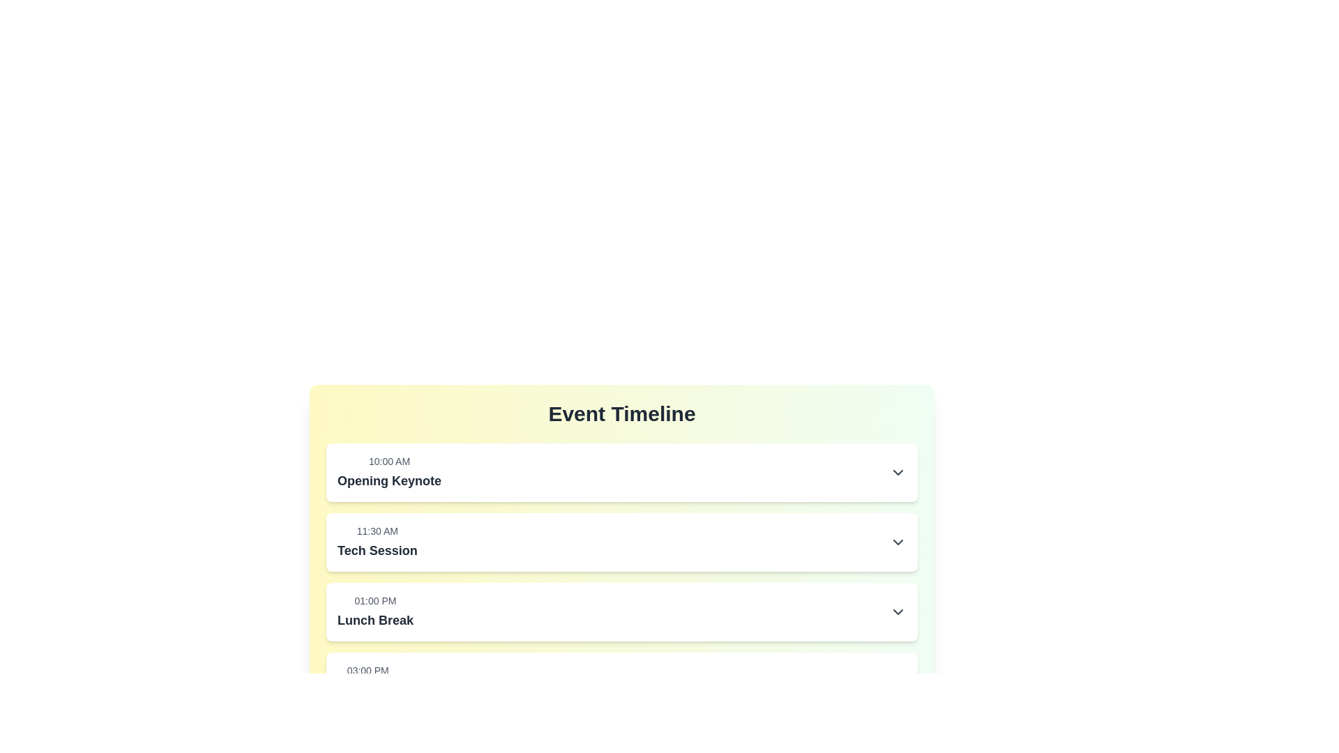  Describe the element at coordinates (375, 611) in the screenshot. I see `the text block displaying '01:00 PM' and 'Lunch Break', which is the third item in the timeline interface` at that location.